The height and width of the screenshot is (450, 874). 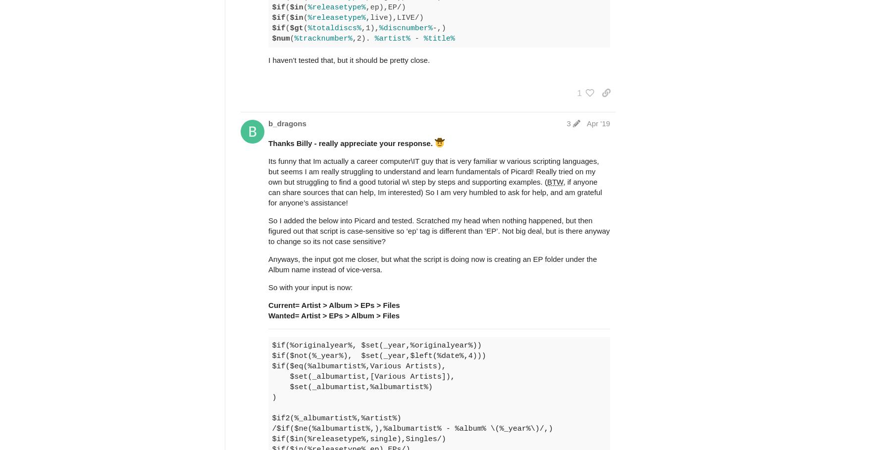 What do you see at coordinates (439, 231) in the screenshot?
I see `'So I added the below into Picard and tested.  Scratched my head when nothing happened, but then figured out that script is case-sensitive so ‘ep’ tag is different than ‘EP’.  Not big deal, but is there anyway to change so its not case sensitive?'` at bounding box center [439, 231].